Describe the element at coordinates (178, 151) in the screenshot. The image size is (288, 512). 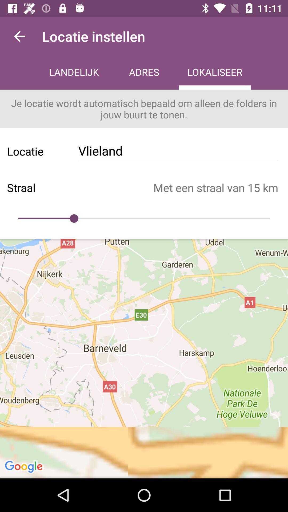
I see `the icon below the je locatie wordt` at that location.